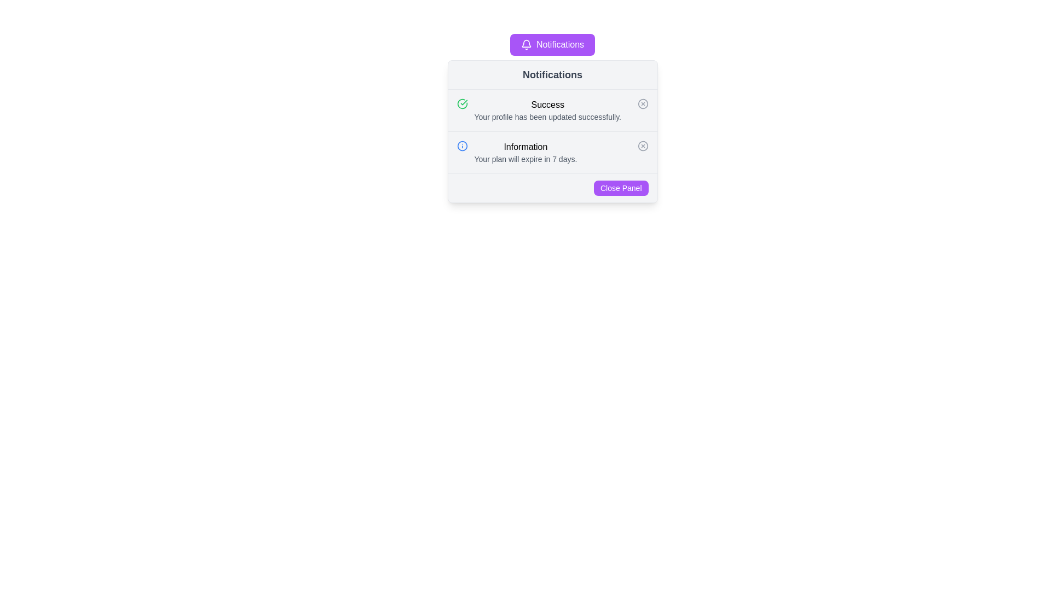 This screenshot has height=591, width=1051. Describe the element at coordinates (547, 117) in the screenshot. I see `the text label that reads 'Your profile has been updated successfully,' which is styled in a smaller, muted gray font and located under the 'Success' label in the notification panel` at that location.